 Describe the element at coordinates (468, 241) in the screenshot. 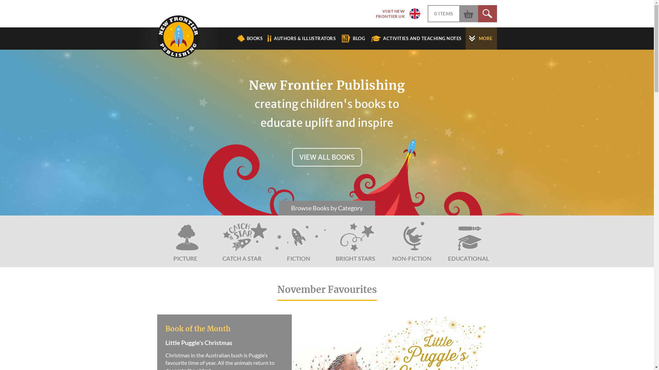

I see `'EDUCATIONAL'` at that location.